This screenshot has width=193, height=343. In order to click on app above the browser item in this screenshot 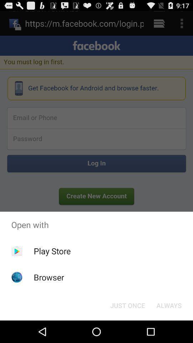, I will do `click(52, 251)`.